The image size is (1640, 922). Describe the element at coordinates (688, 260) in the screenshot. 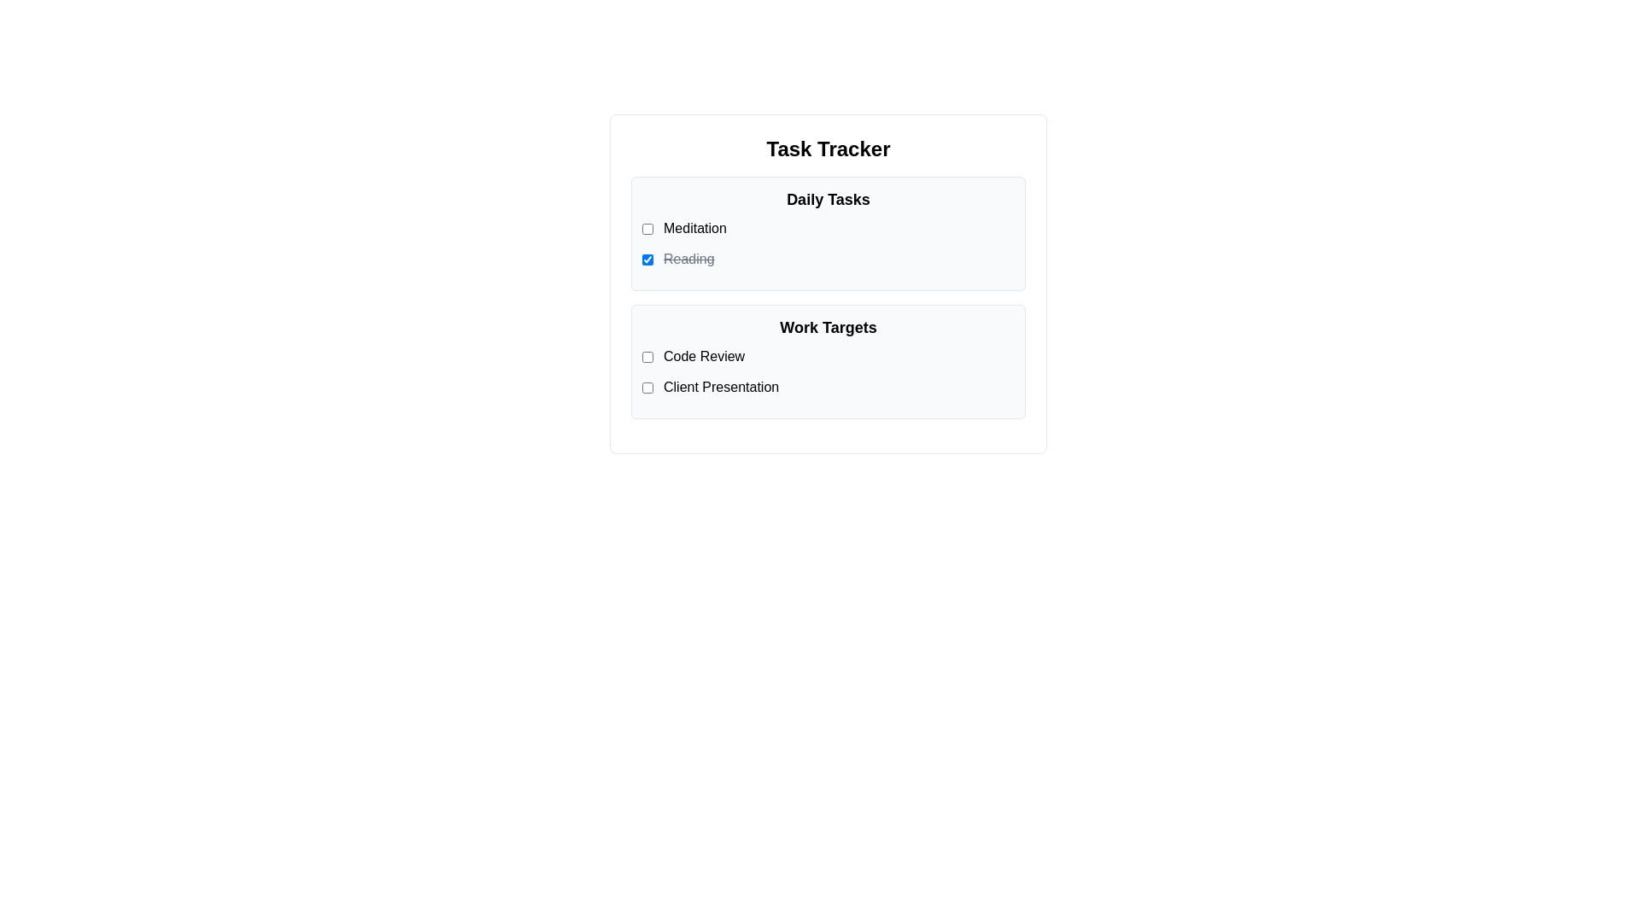

I see `text label indicating a completed task located in the 'Daily Tasks' section of the 'Task Tracker' interface, which is the second item in the list with a strikethrough style and a checked checkbox beside it` at that location.